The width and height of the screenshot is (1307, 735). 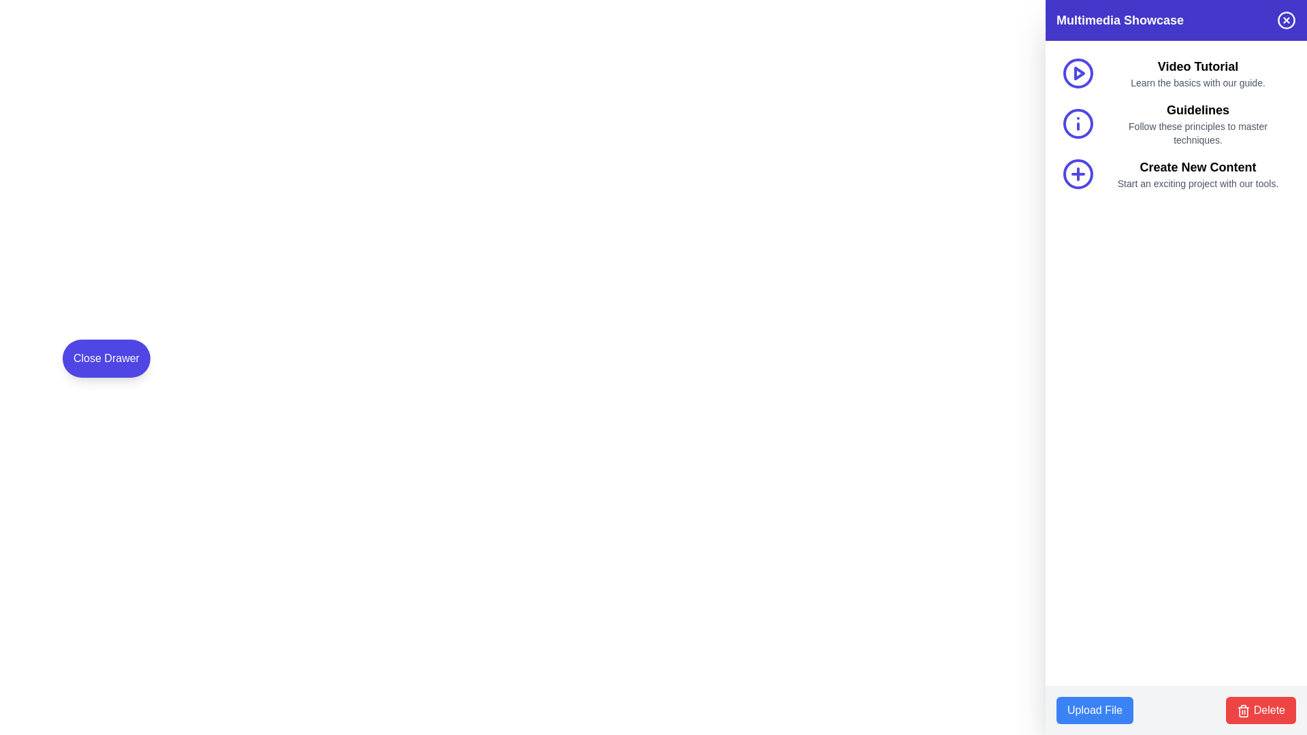 I want to click on the icon in the 'Create New Content' section located in the right sidebar, so click(x=1078, y=173).